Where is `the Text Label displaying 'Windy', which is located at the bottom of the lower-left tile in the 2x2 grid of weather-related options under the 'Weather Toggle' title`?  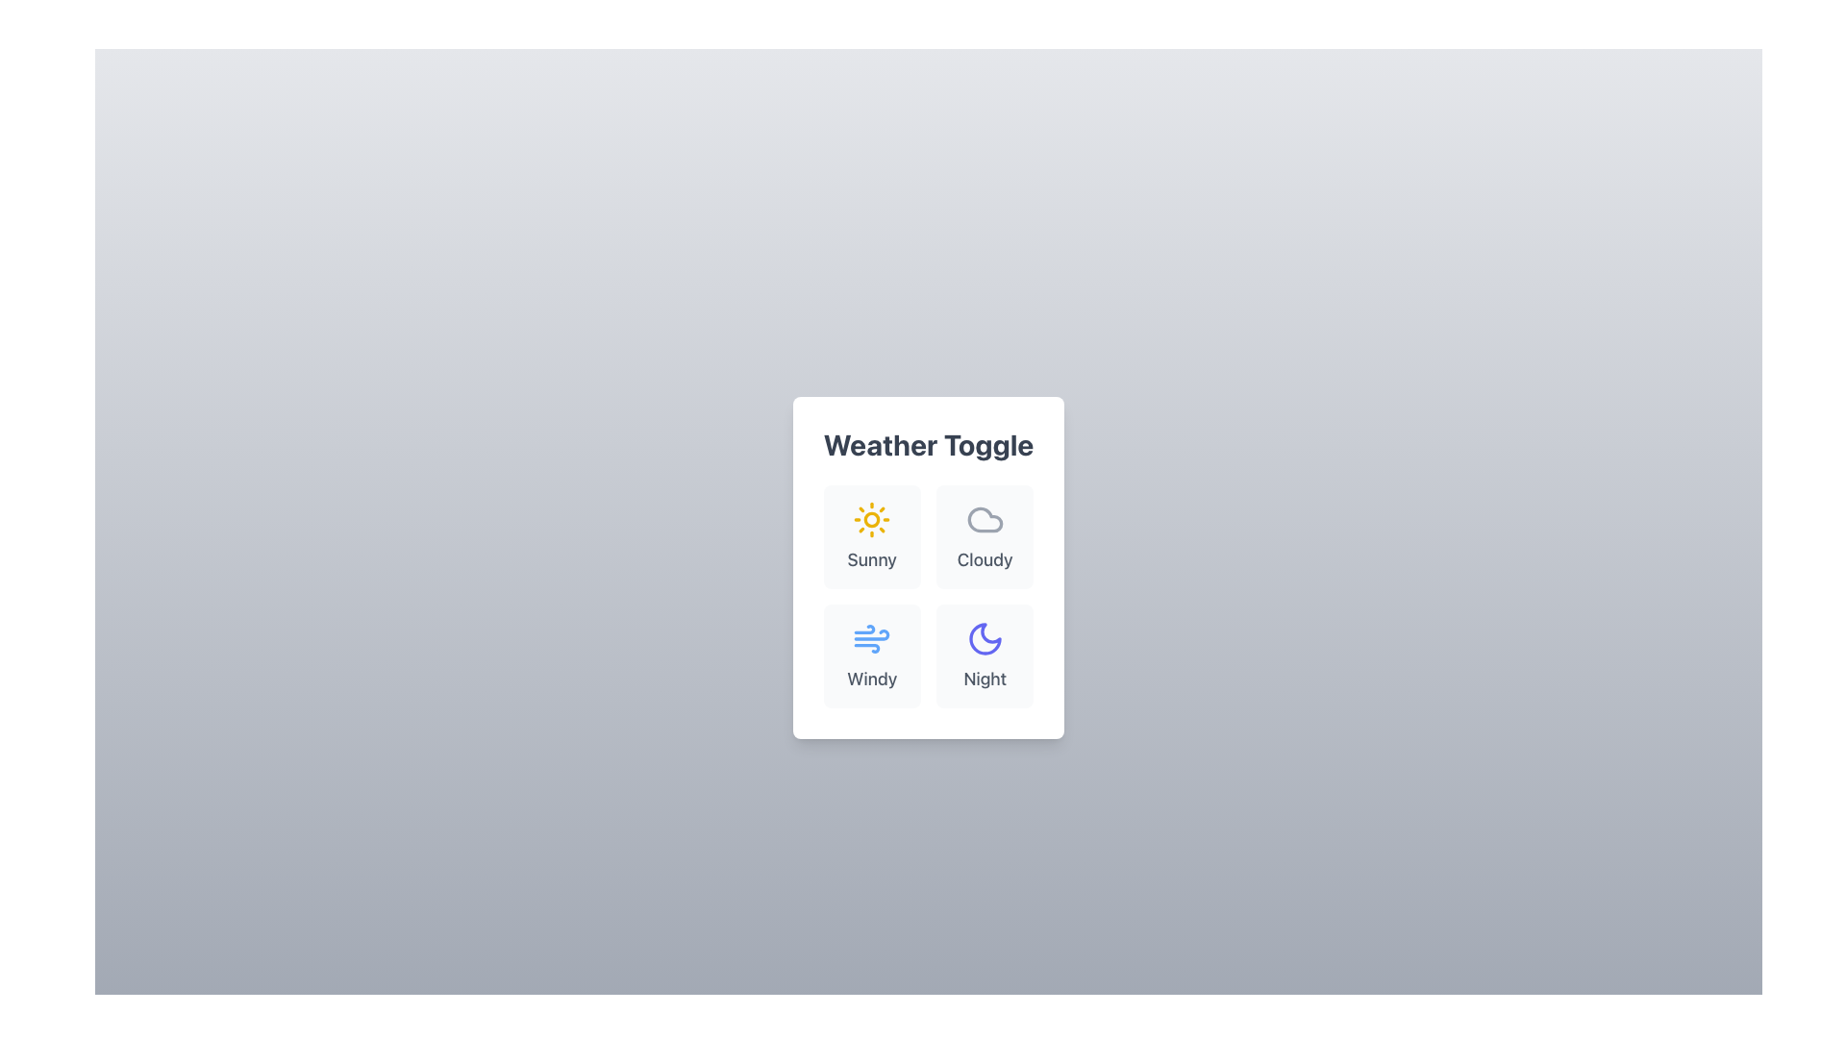 the Text Label displaying 'Windy', which is located at the bottom of the lower-left tile in the 2x2 grid of weather-related options under the 'Weather Toggle' title is located at coordinates (871, 678).